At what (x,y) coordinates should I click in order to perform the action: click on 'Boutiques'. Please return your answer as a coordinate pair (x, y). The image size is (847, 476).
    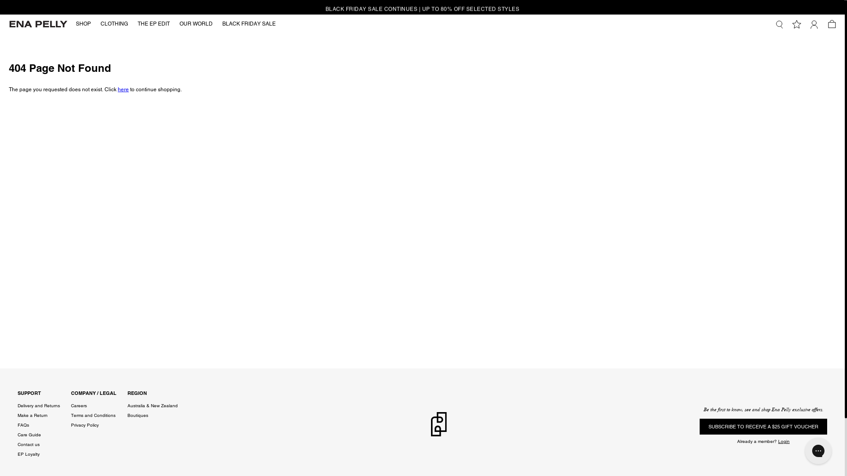
    Looking at the image, I should click on (137, 415).